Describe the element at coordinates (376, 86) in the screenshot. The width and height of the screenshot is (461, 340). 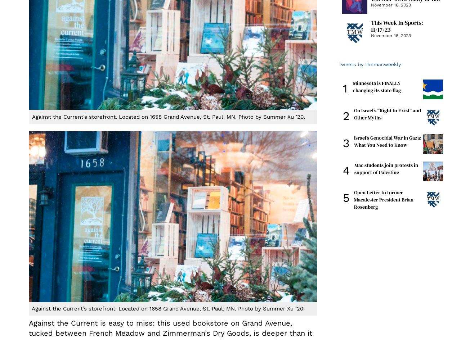
I see `'Minnesota is FINALLY changing its state flag'` at that location.